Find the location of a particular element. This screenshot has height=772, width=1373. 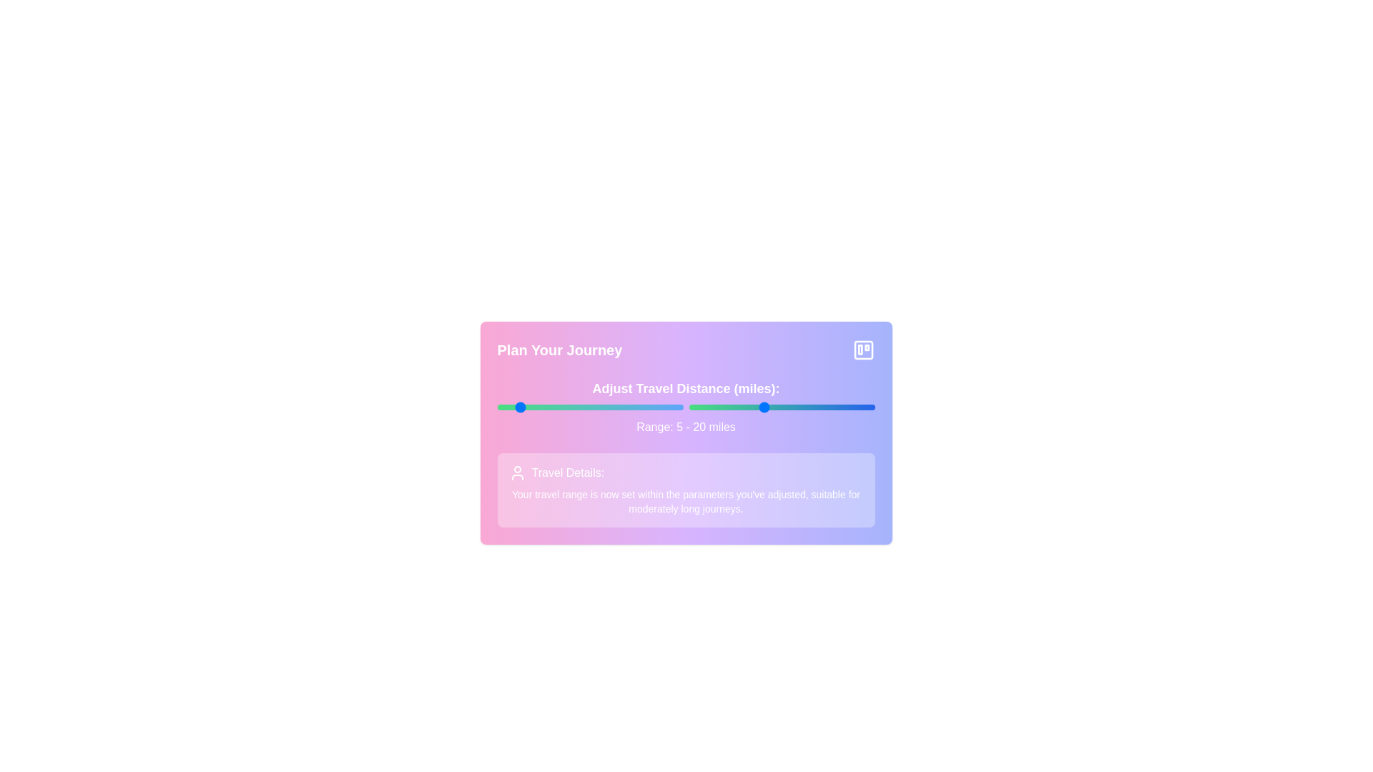

the travel distance is located at coordinates (826, 407).